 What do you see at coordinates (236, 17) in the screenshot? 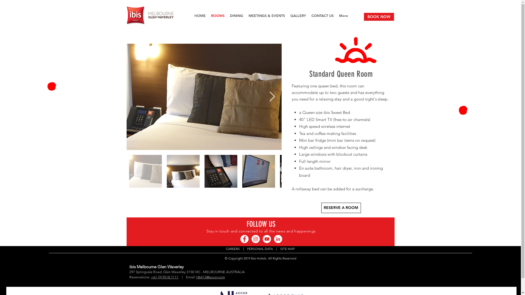
I see `'DINING'` at bounding box center [236, 17].